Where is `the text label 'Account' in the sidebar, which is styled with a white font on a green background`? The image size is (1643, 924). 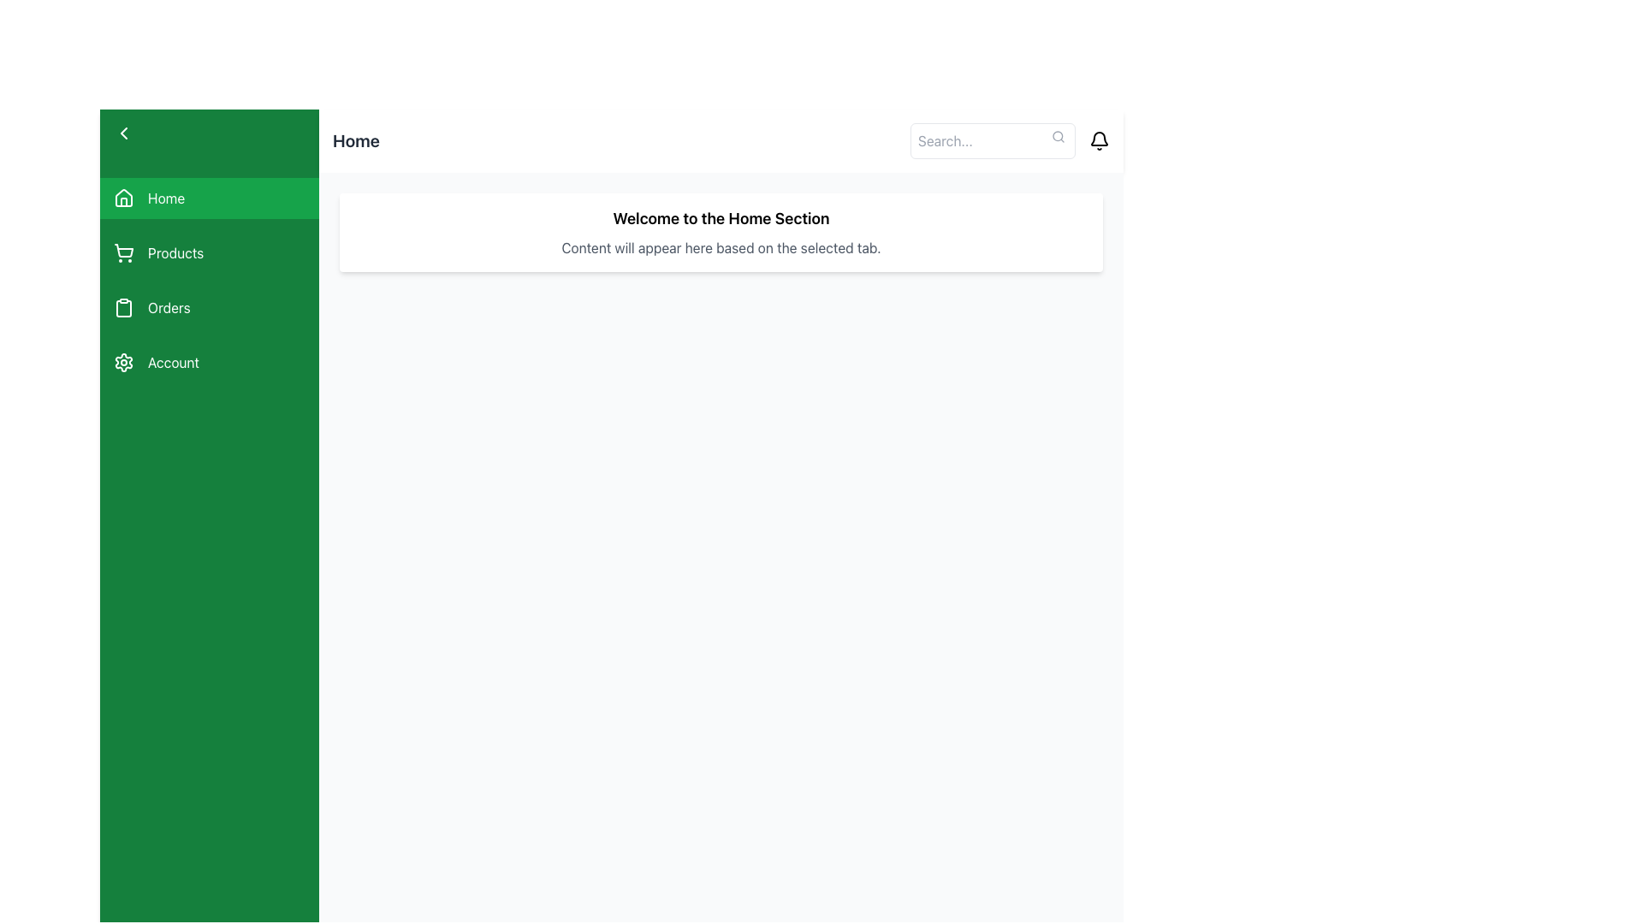
the text label 'Account' in the sidebar, which is styled with a white font on a green background is located at coordinates (173, 362).